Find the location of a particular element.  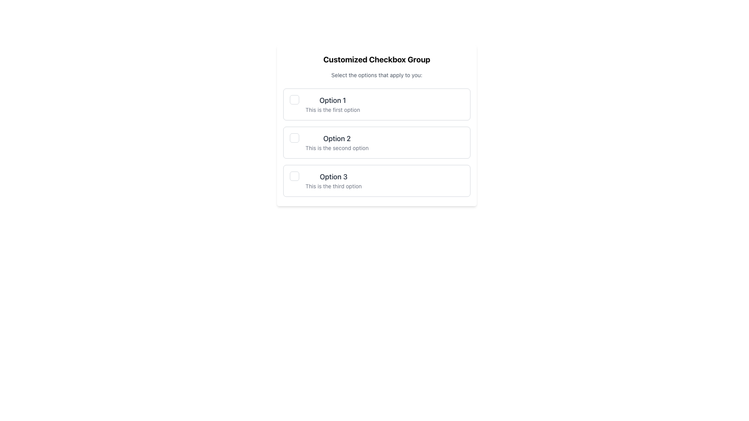

the first selectable option labeled 'Option 1' with a checkbox is located at coordinates (376, 104).